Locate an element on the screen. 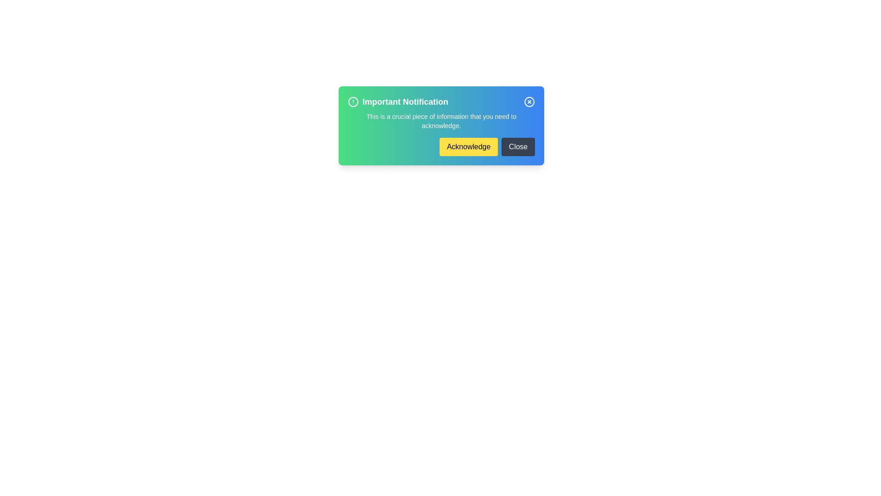 The image size is (881, 496). text content of the centrally aligned text block within the colorful notification box, which states: 'This is a crucial piece of information that you need to acknowledge.' is located at coordinates (441, 120).